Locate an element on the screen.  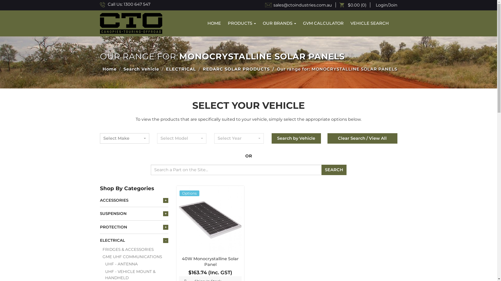
'Home' is located at coordinates (100, 69).